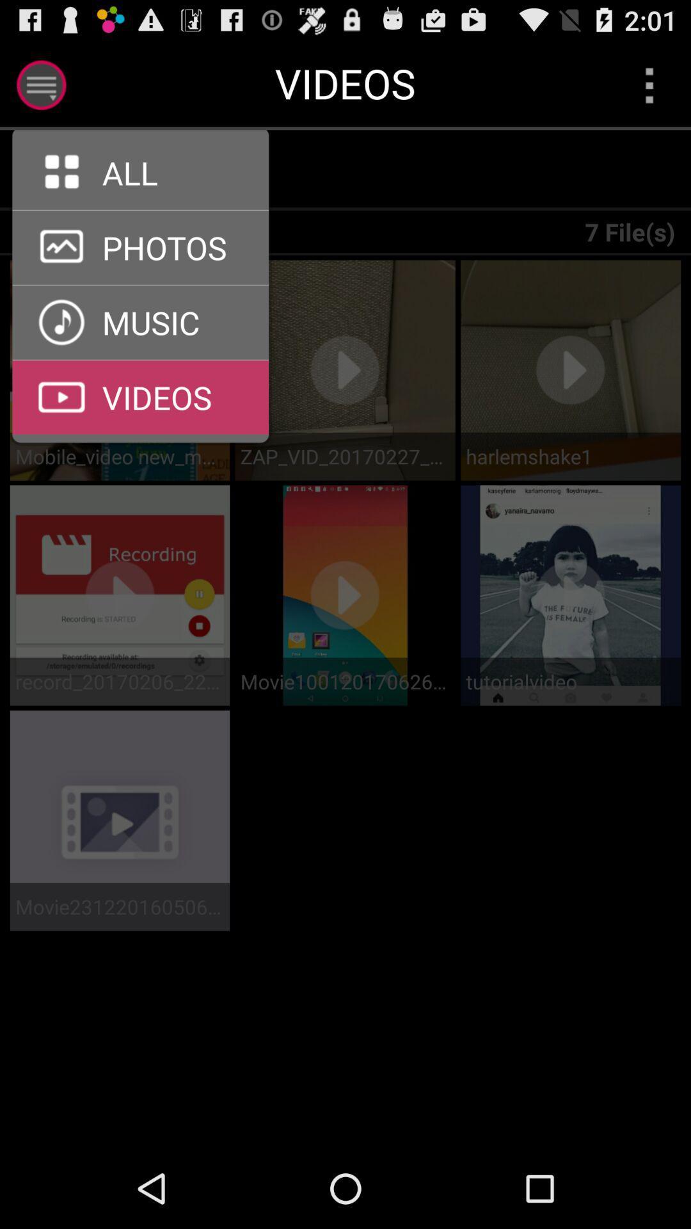 The width and height of the screenshot is (691, 1229). Describe the element at coordinates (344, 456) in the screenshot. I see `the zap_vid_20170227_214607 item` at that location.